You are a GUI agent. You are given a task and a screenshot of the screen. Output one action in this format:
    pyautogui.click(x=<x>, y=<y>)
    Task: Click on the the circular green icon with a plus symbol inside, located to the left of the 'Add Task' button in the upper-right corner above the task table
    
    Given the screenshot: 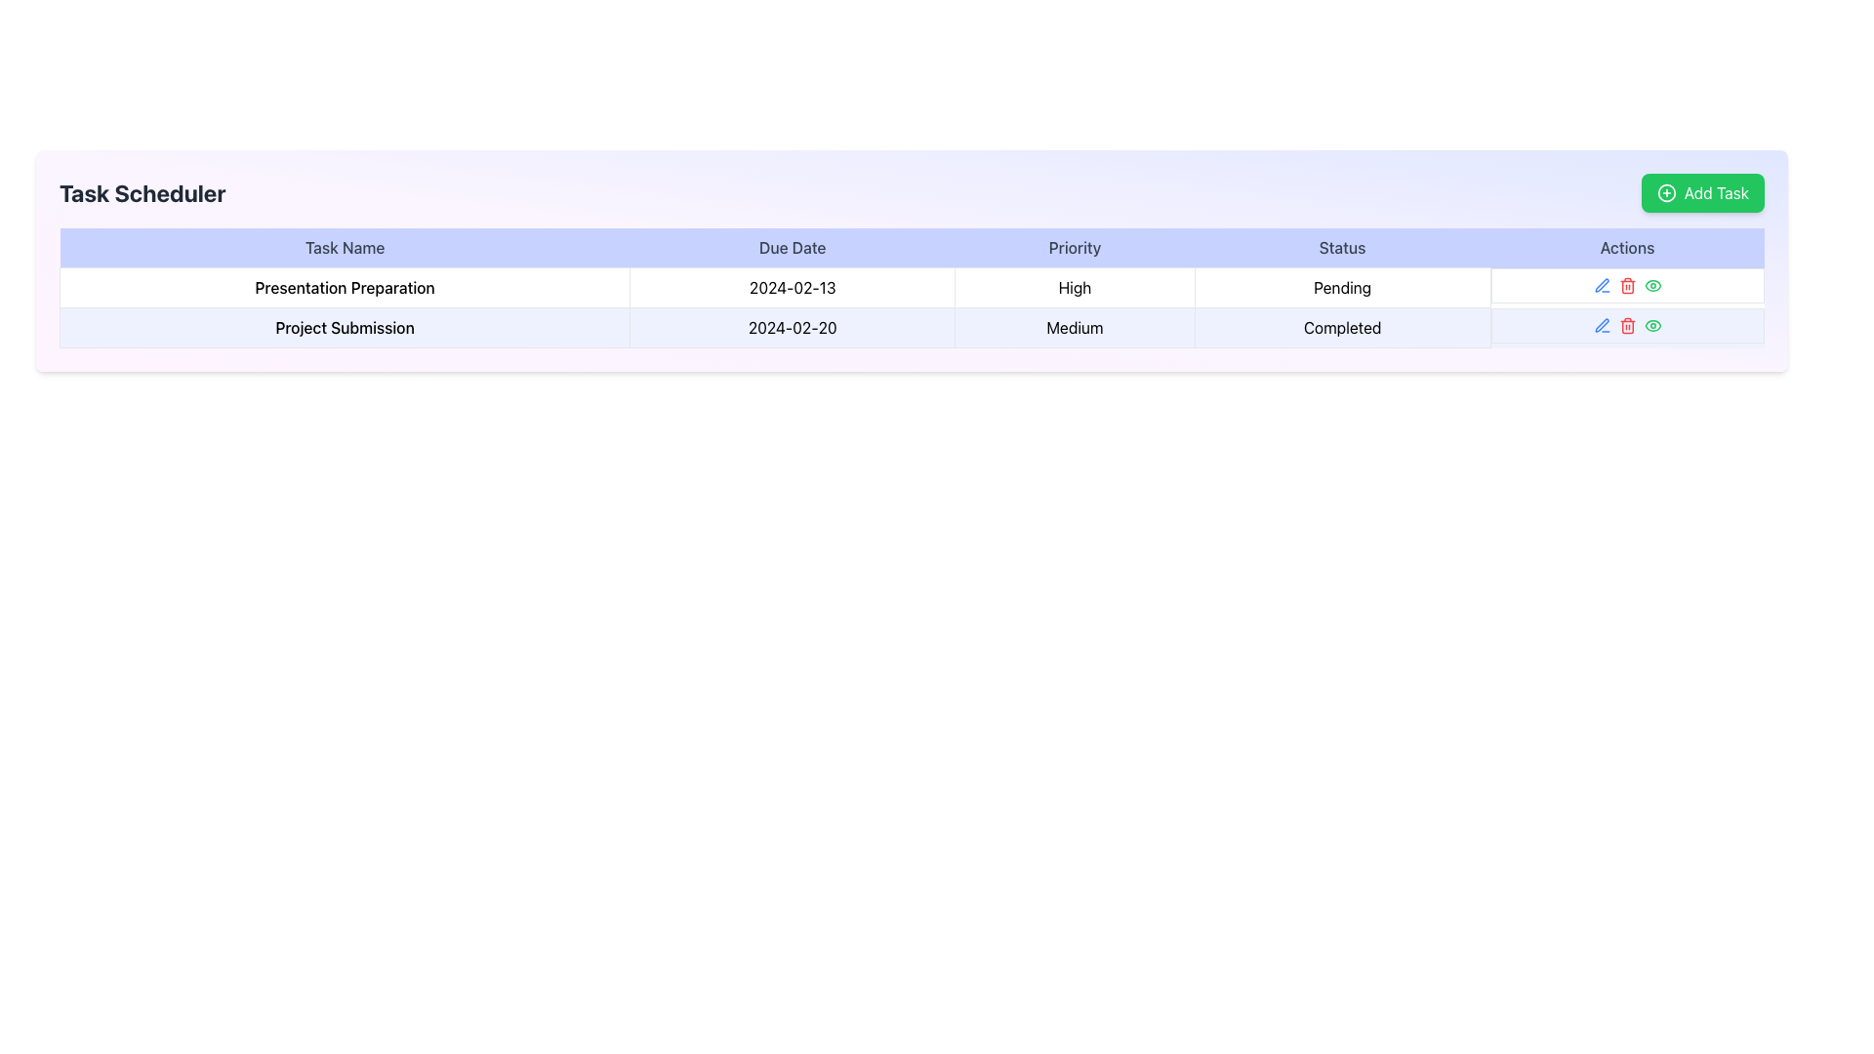 What is the action you would take?
    pyautogui.click(x=1665, y=192)
    